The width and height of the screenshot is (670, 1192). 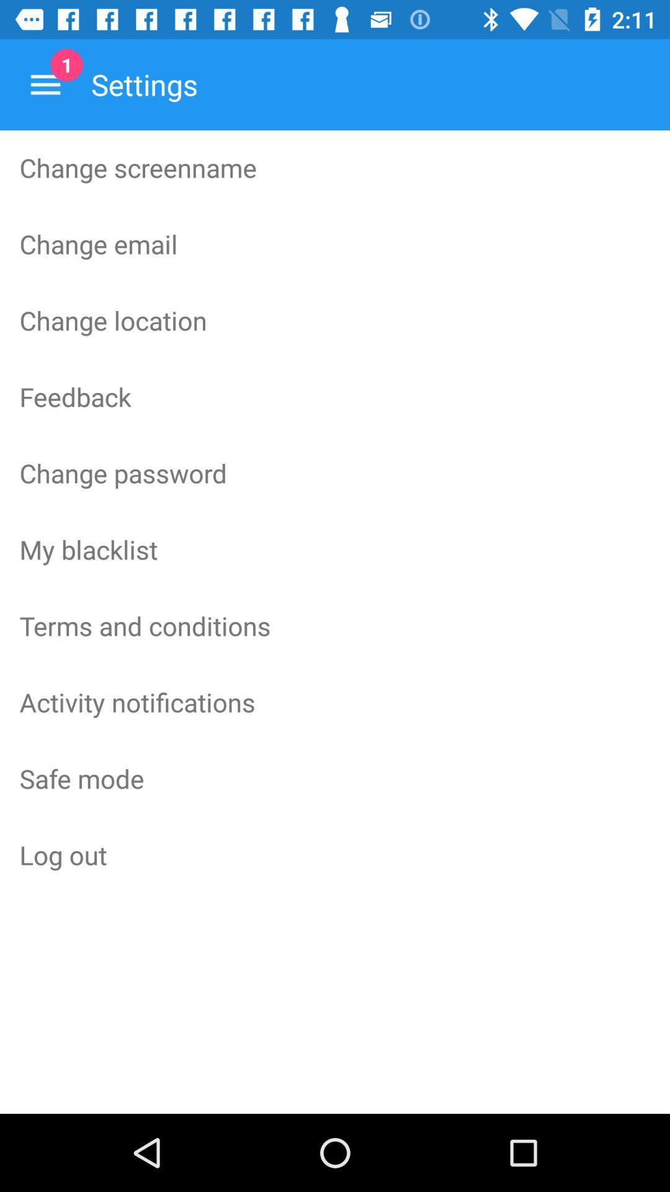 I want to click on activity notifications, so click(x=335, y=702).